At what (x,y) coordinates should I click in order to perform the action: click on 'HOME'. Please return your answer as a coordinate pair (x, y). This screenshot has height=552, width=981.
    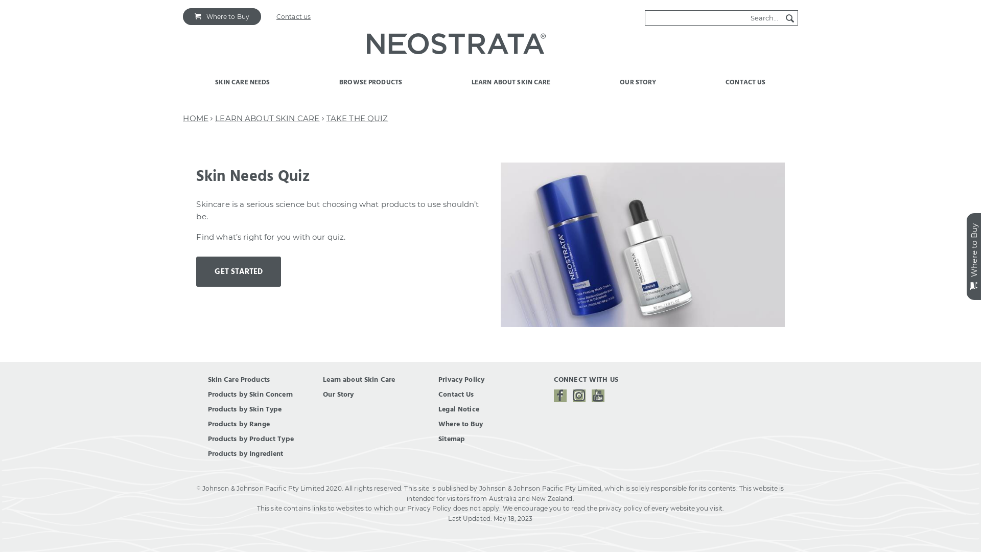
    Looking at the image, I should click on (196, 118).